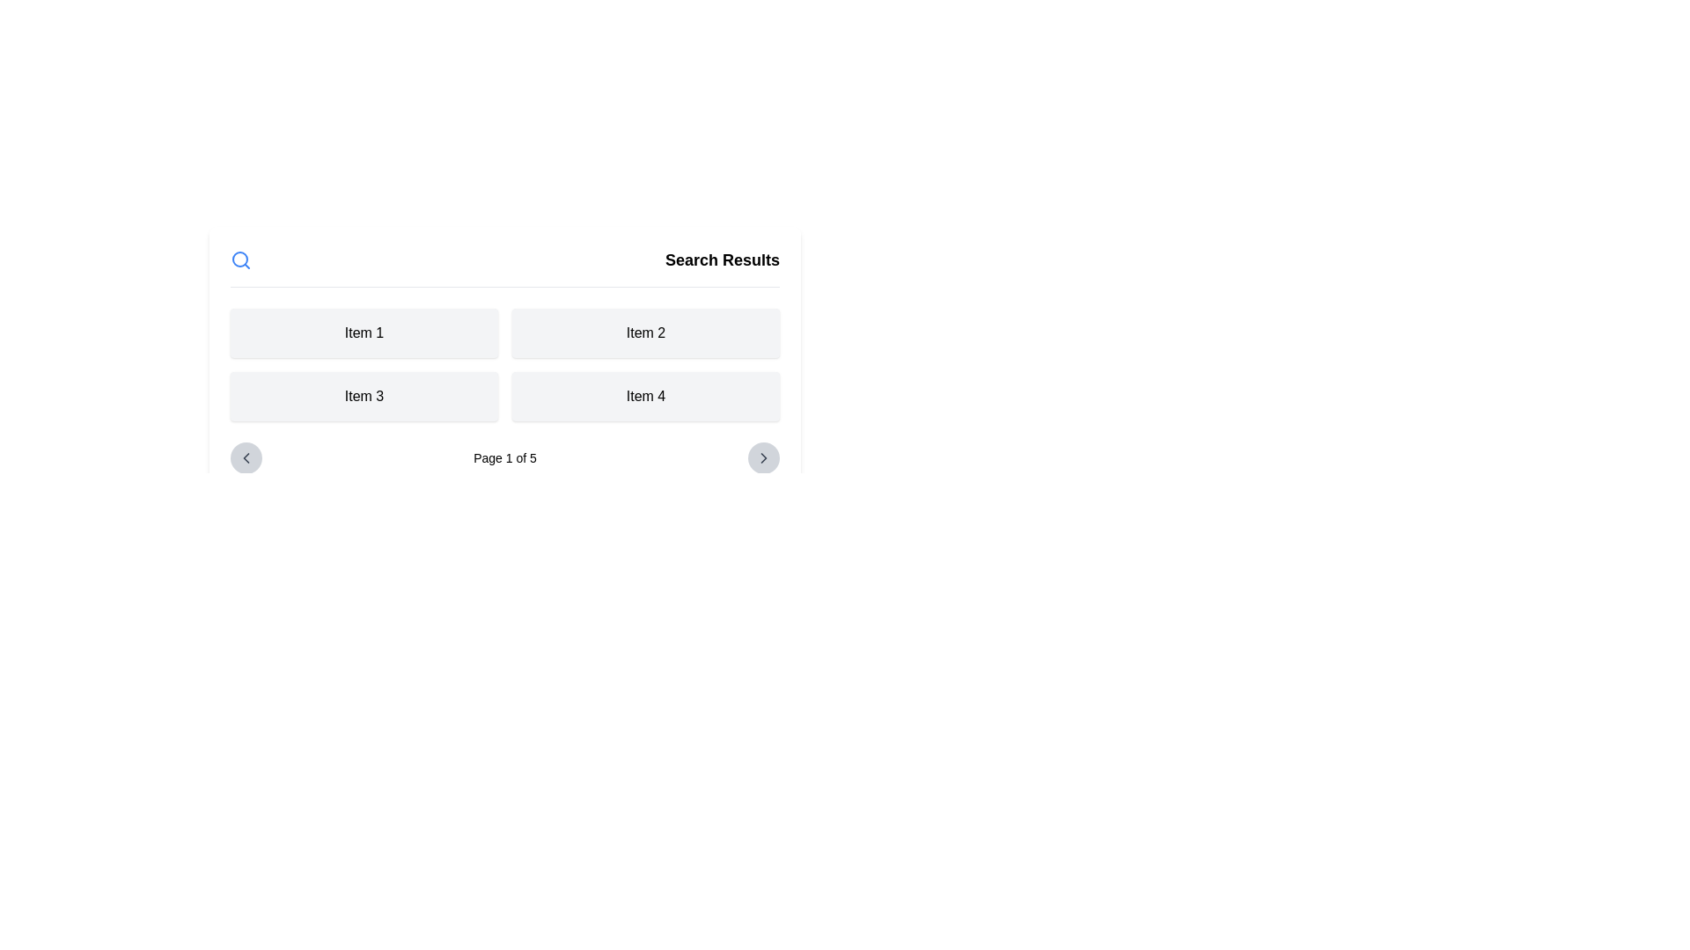 The height and width of the screenshot is (950, 1690). Describe the element at coordinates (764, 457) in the screenshot. I see `the chevron arrow icon located in the bottom-right corner of the interface` at that location.